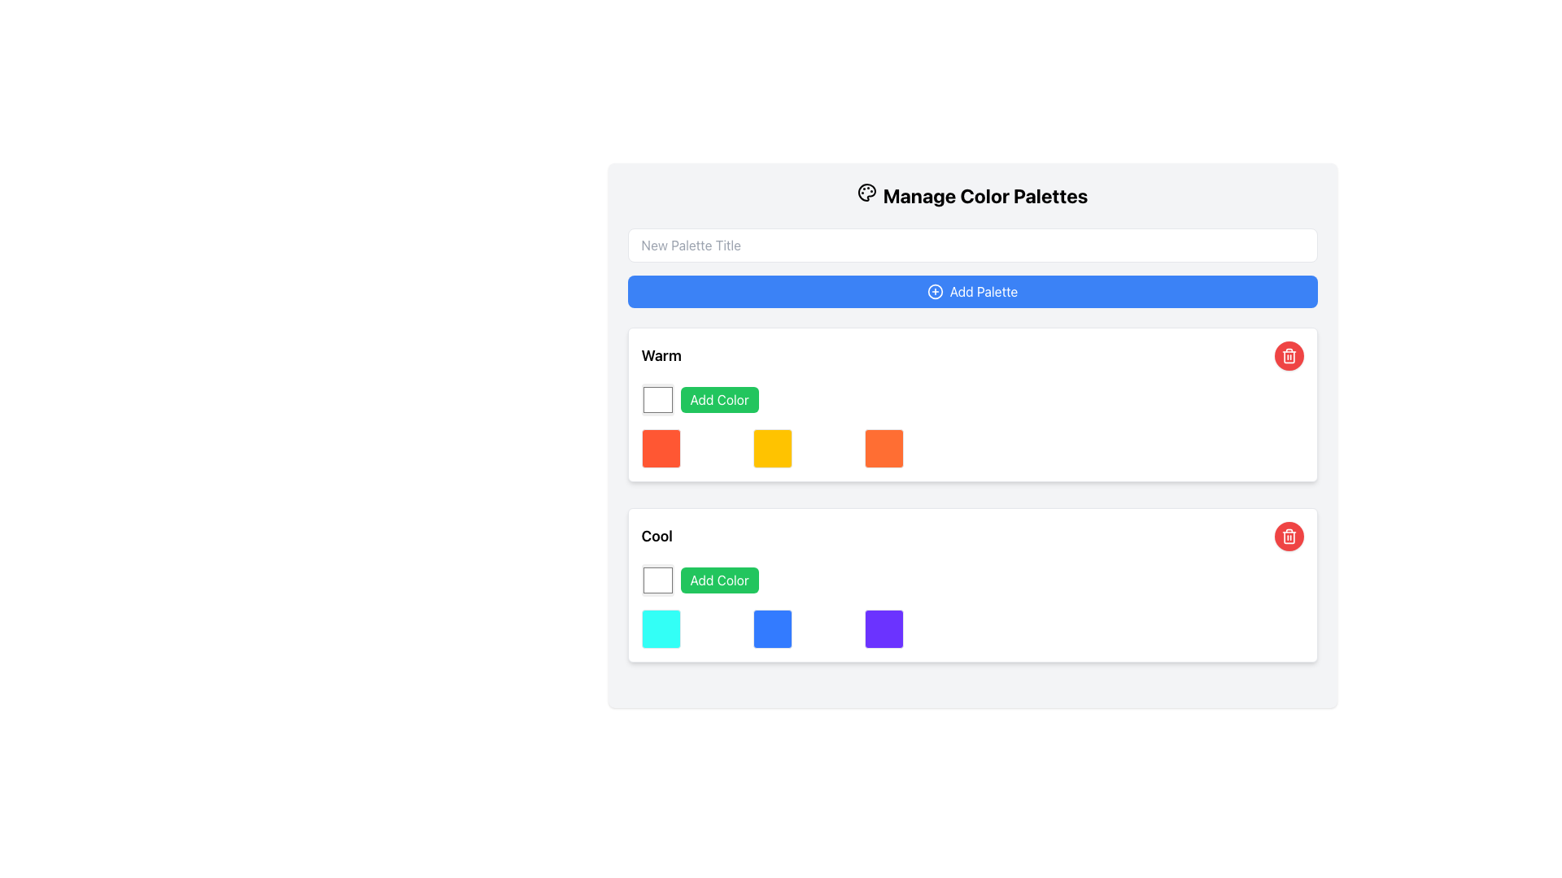 The image size is (1562, 878). Describe the element at coordinates (1288, 356) in the screenshot. I see `the trash can icon, which is a tall rectangular shape with a curved top, located inside the red circular button to the far right of the 'Warm' section` at that location.